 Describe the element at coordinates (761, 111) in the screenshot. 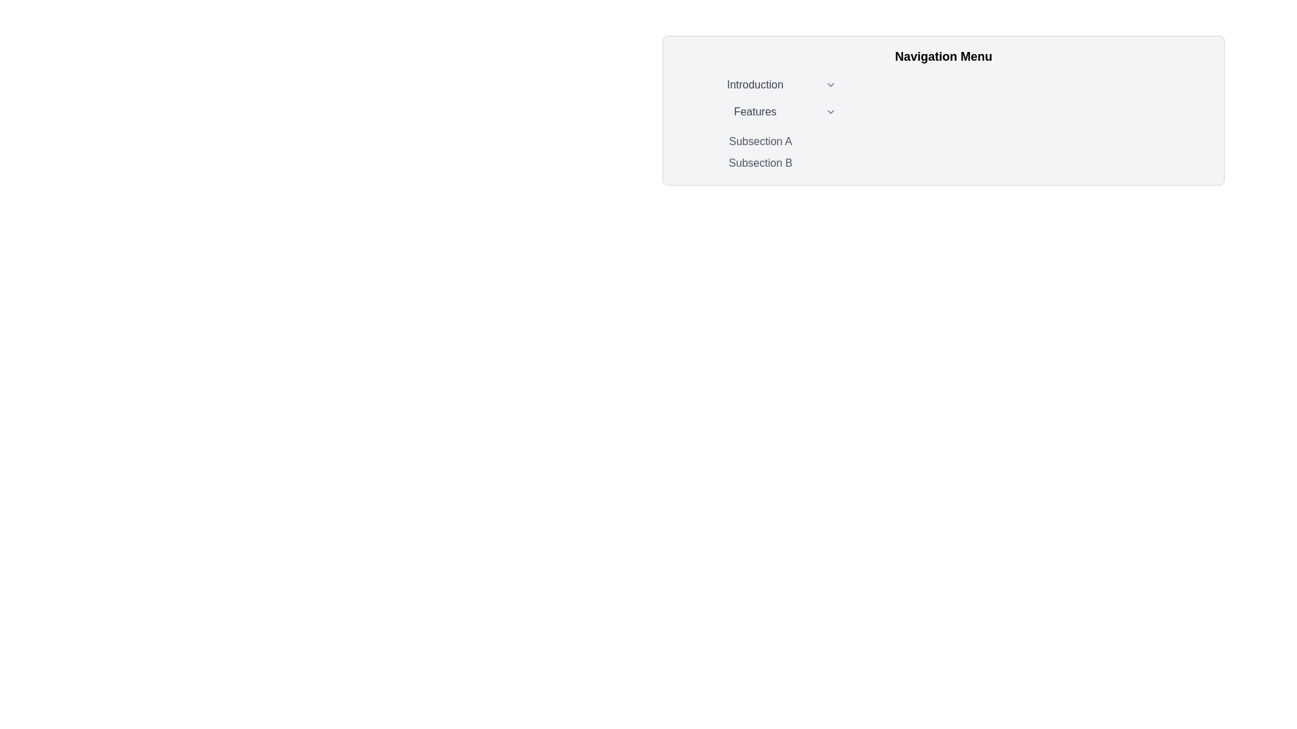

I see `the Dropdown Menu Trigger labeled 'Features'` at that location.